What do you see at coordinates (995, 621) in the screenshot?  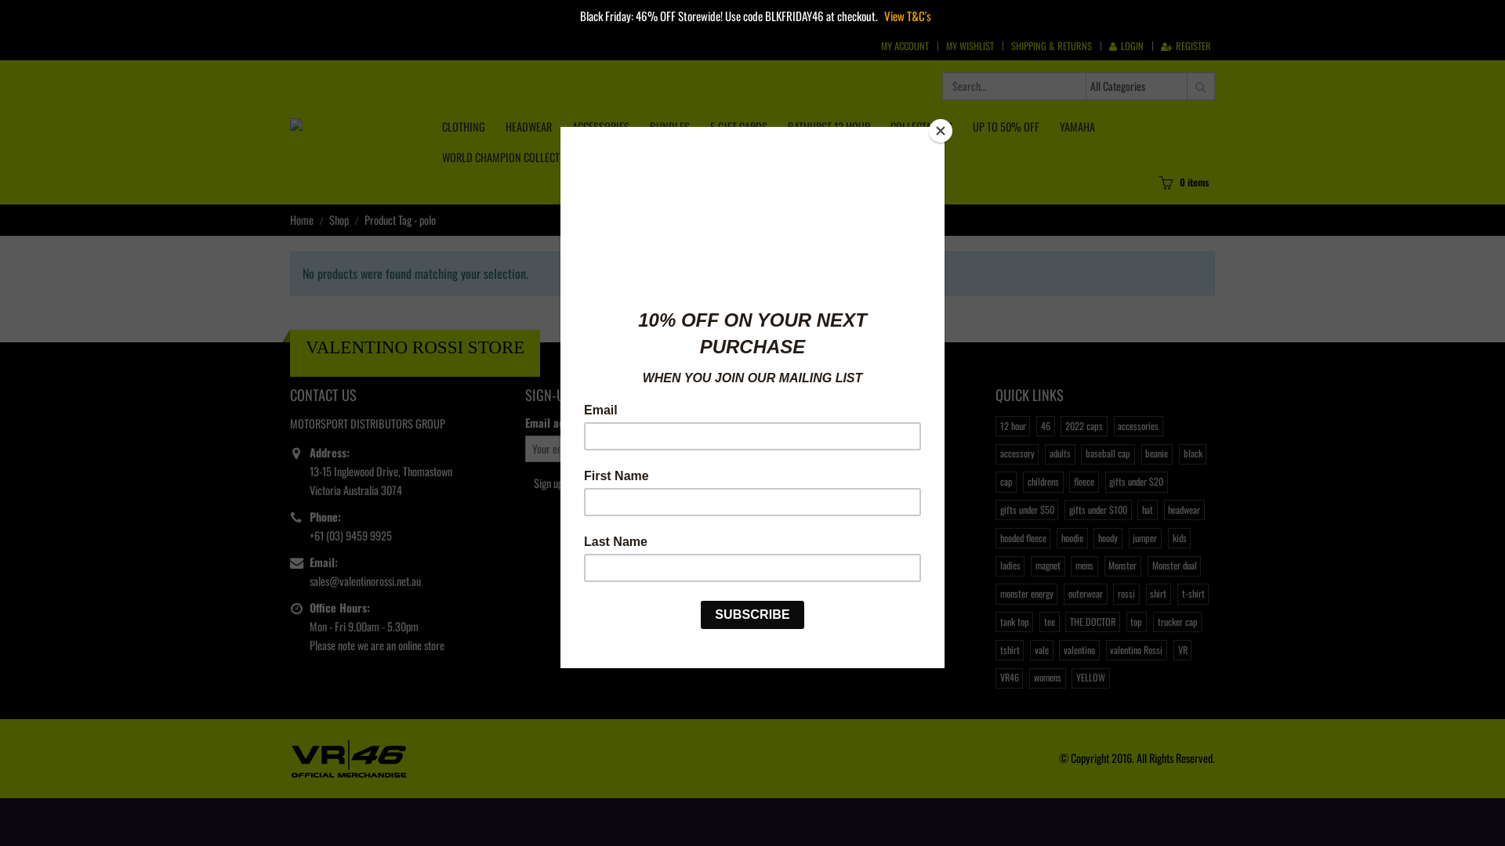 I see `'tank top'` at bounding box center [995, 621].